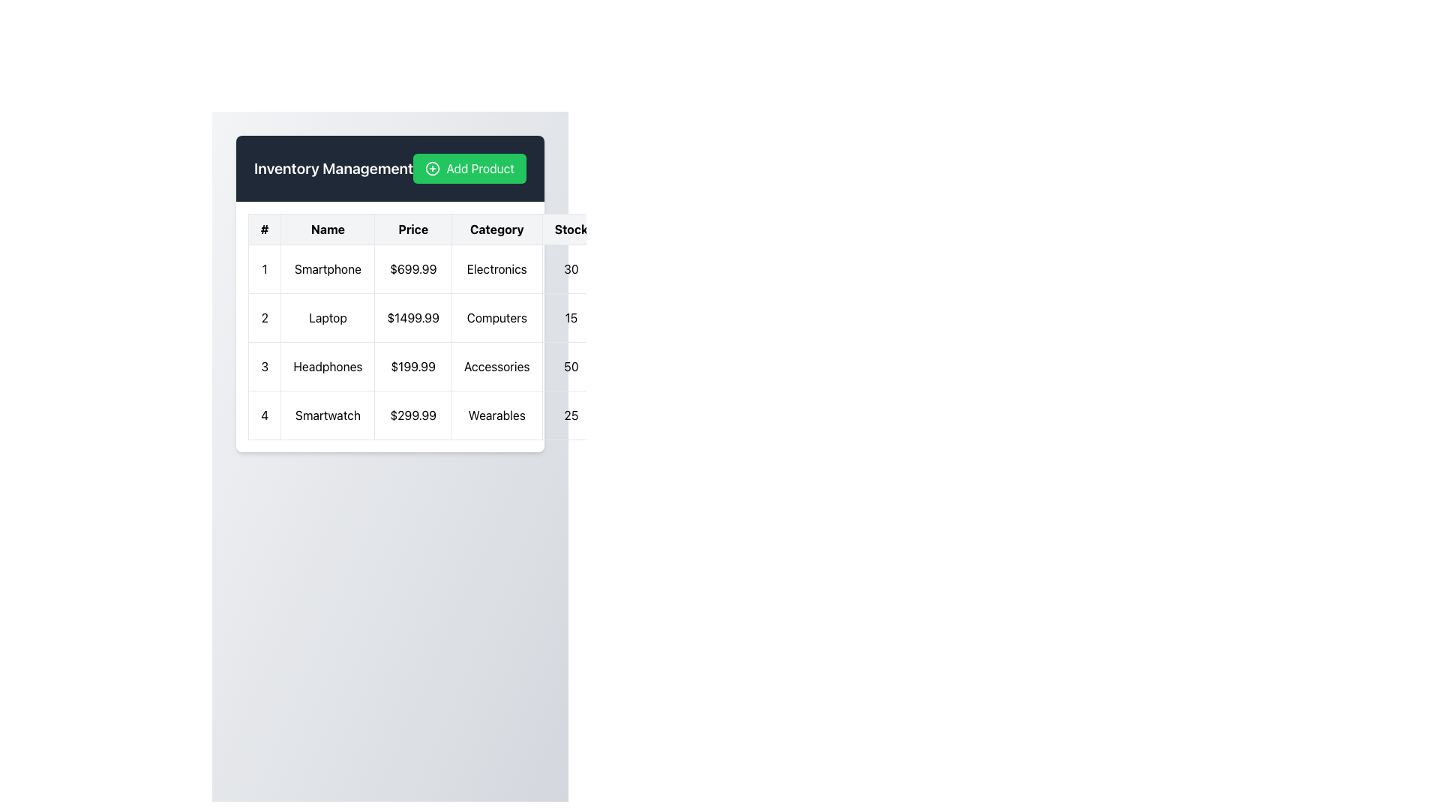 The height and width of the screenshot is (810, 1440). I want to click on the Icon component (circle in an SVG graphic) that represents a green circle on the 'Add Product' button located at the top-right corner of the header bar, so click(432, 168).